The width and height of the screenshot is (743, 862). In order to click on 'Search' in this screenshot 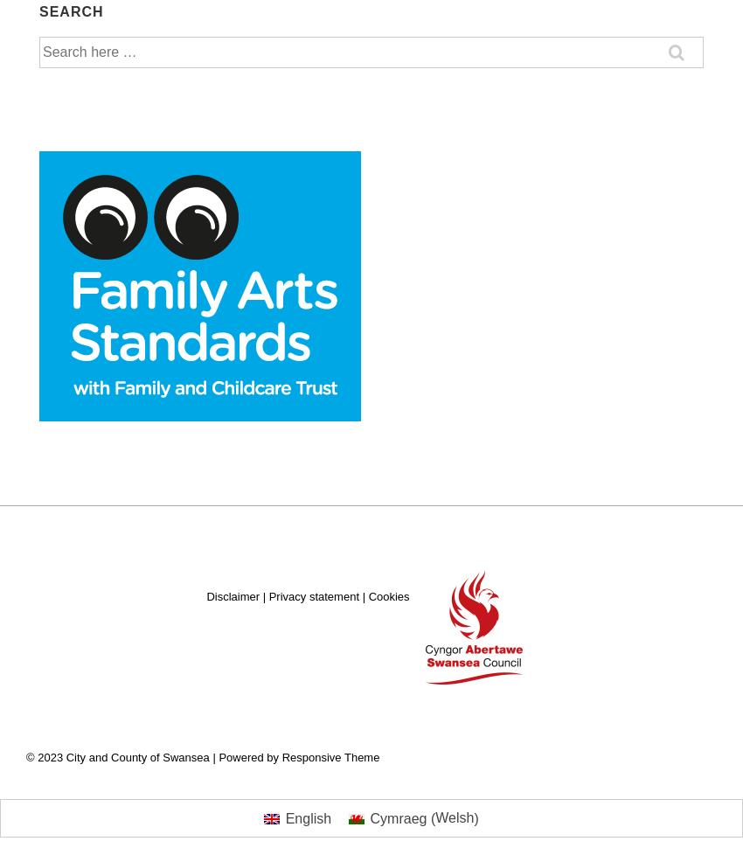, I will do `click(71, 10)`.